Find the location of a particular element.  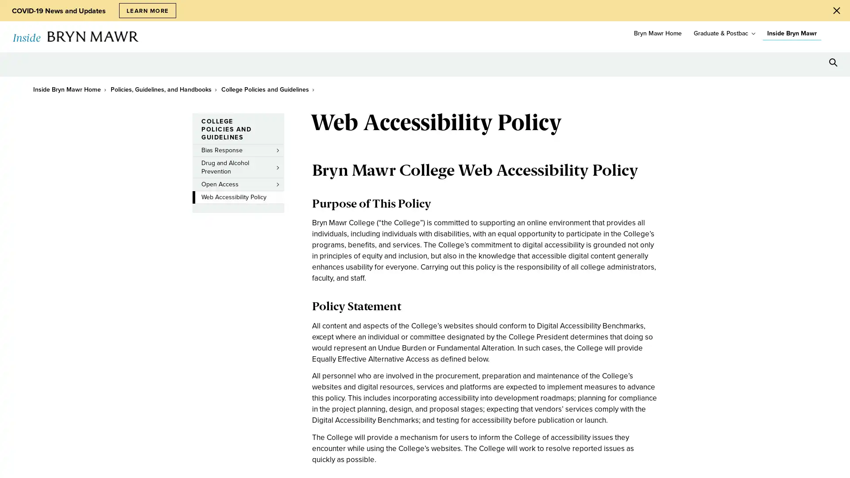

Open Location menu is located at coordinates (767, 62).